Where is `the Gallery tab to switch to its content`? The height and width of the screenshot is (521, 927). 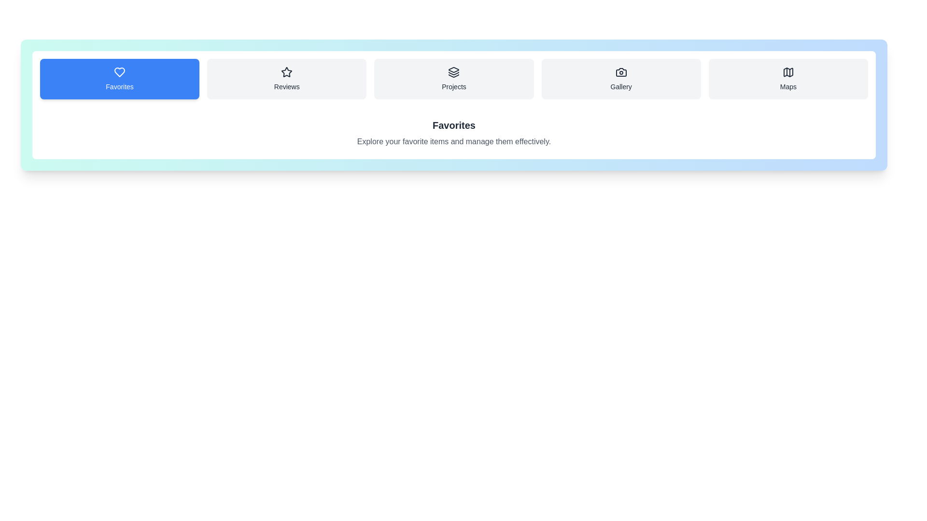 the Gallery tab to switch to its content is located at coordinates (621, 79).